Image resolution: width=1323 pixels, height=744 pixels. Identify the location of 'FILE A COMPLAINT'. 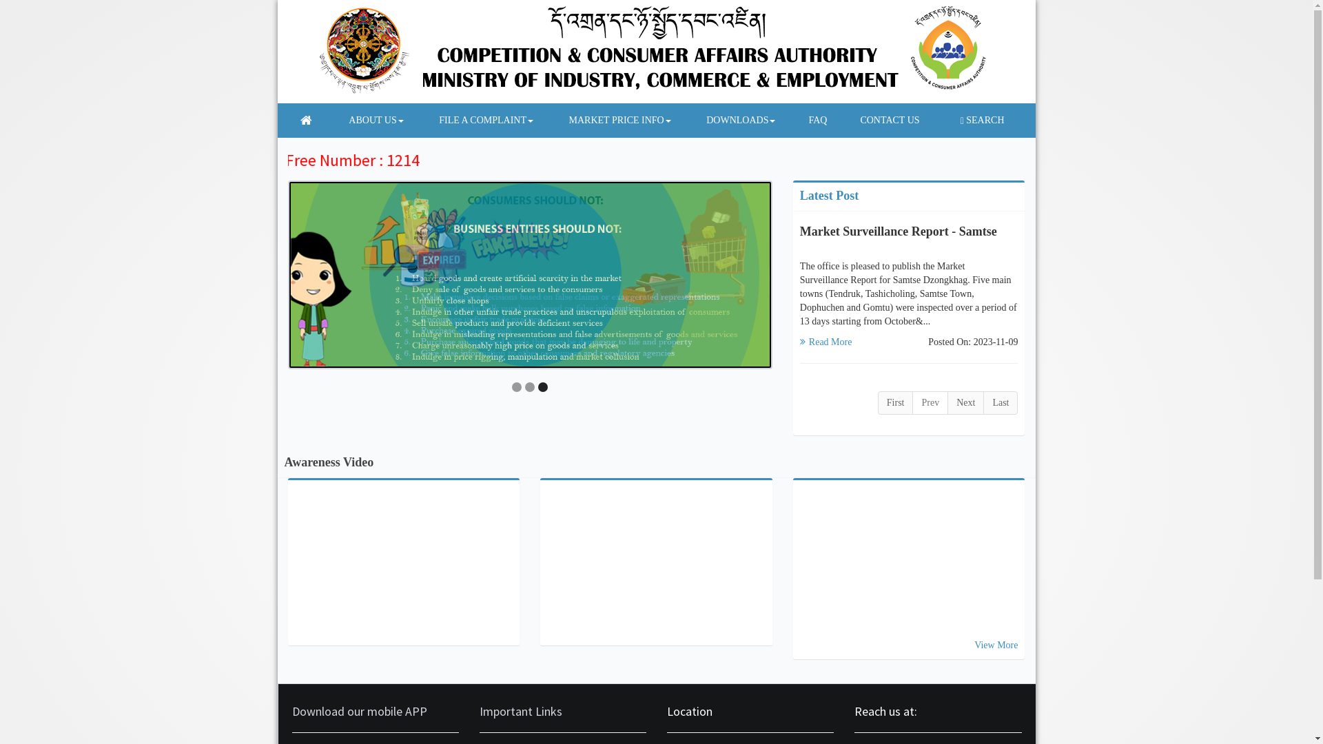
(479, 119).